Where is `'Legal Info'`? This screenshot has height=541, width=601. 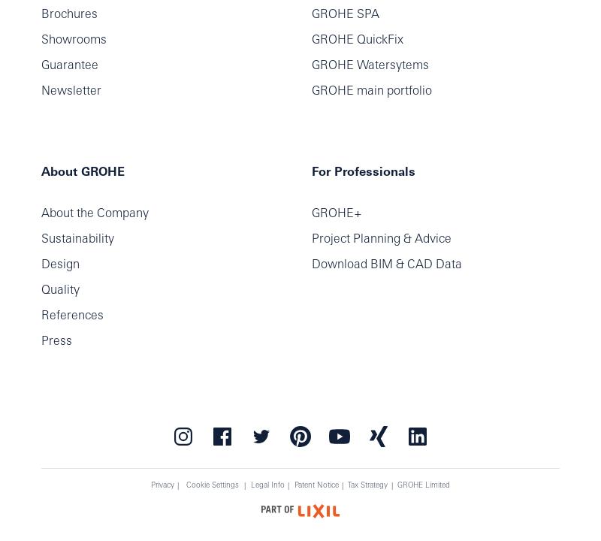
'Legal Info' is located at coordinates (267, 484).